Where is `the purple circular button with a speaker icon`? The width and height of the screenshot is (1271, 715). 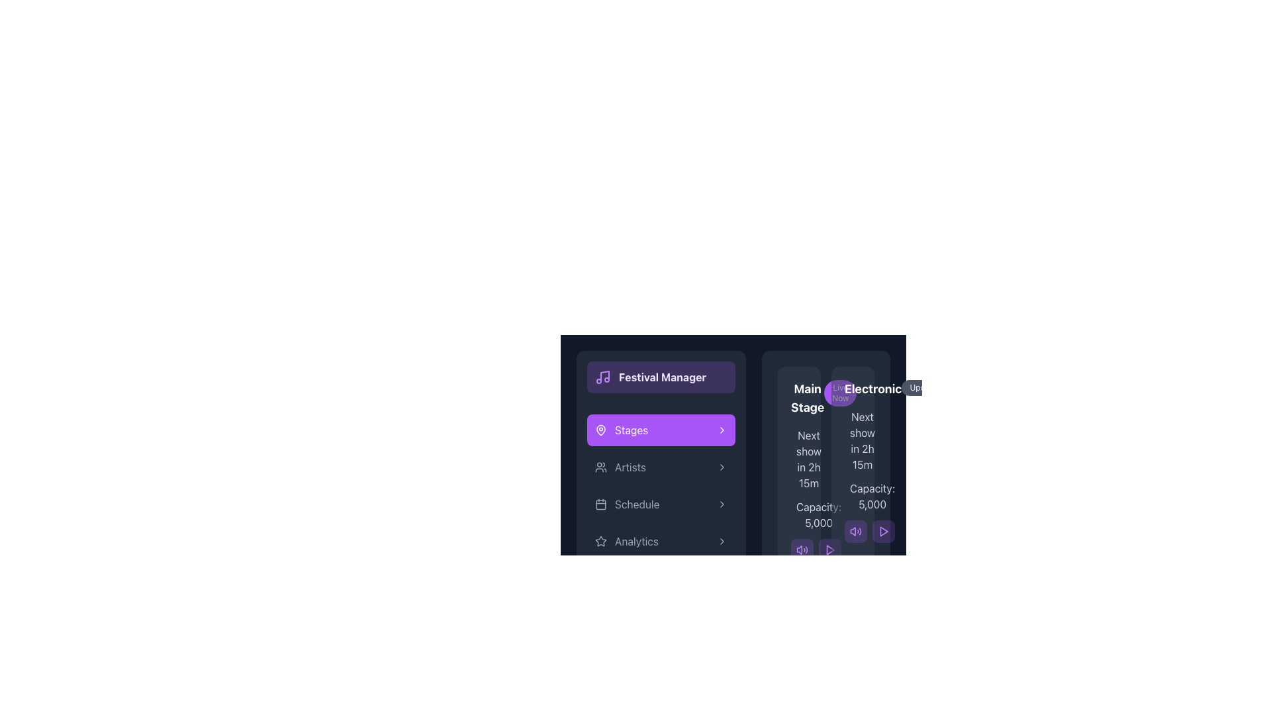 the purple circular button with a speaker icon is located at coordinates (855, 530).